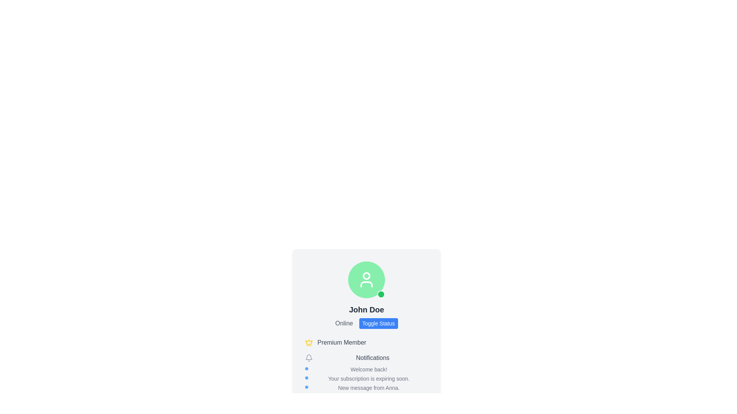 Image resolution: width=737 pixels, height=414 pixels. Describe the element at coordinates (309, 342) in the screenshot. I see `the premium membership icon that symbolizes the user's premium membership status, located to the left of the 'Premium Member' text` at that location.